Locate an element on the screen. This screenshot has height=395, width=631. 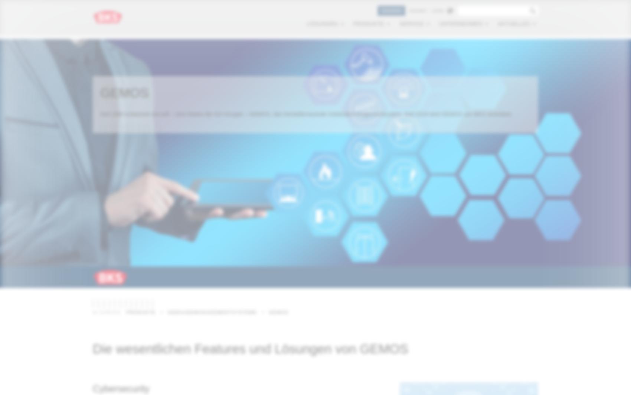
'Unternehmen' is located at coordinates (460, 25).